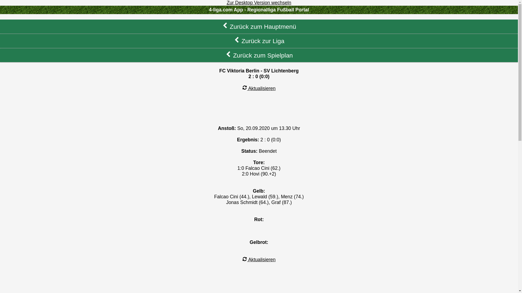 This screenshot has width=522, height=293. What do you see at coordinates (258, 259) in the screenshot?
I see `'Aktualisieren'` at bounding box center [258, 259].